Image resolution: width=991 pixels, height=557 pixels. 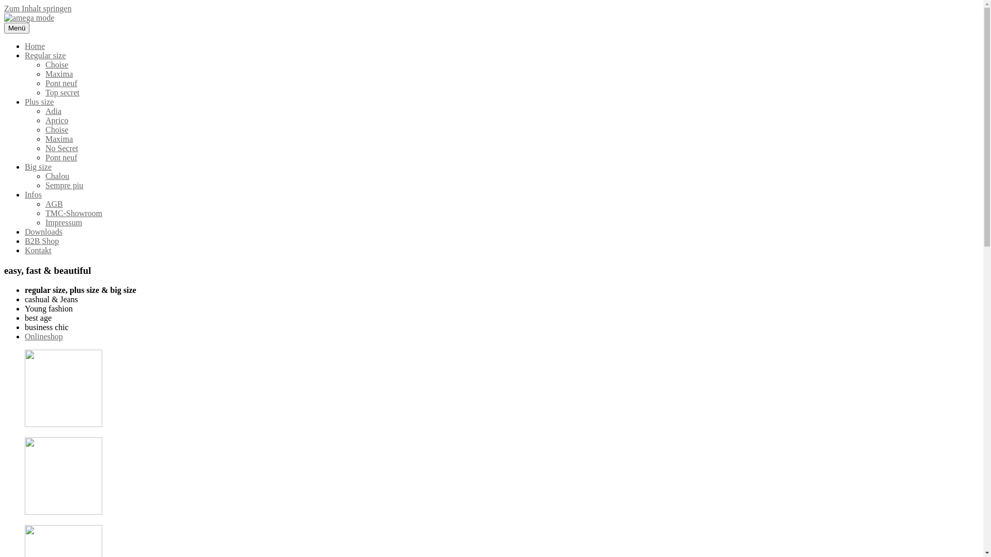 What do you see at coordinates (56, 129) in the screenshot?
I see `'Choise'` at bounding box center [56, 129].